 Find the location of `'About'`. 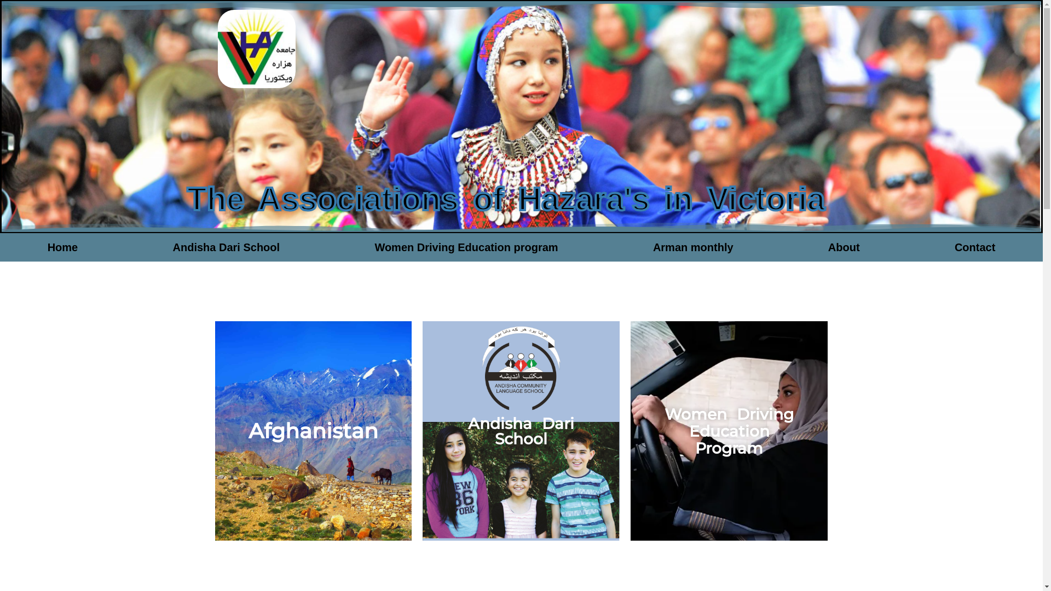

'About' is located at coordinates (843, 247).